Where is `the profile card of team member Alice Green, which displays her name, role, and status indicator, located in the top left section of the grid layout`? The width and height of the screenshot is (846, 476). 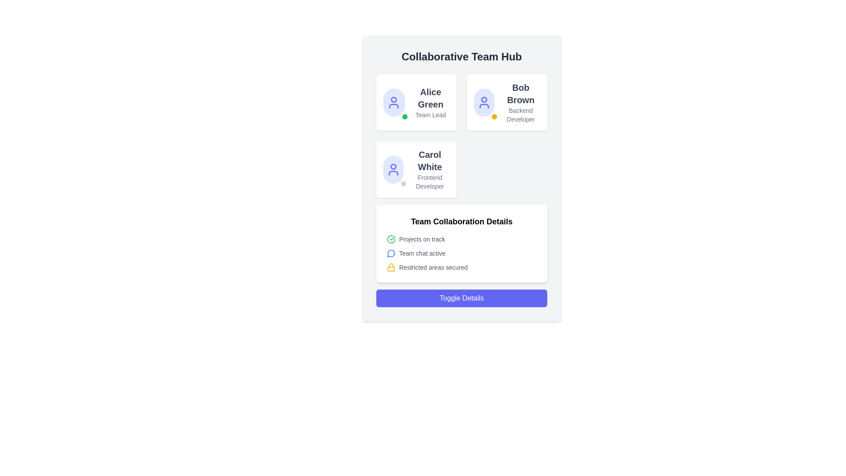
the profile card of team member Alice Green, which displays her name, role, and status indicator, located in the top left section of the grid layout is located at coordinates (416, 102).